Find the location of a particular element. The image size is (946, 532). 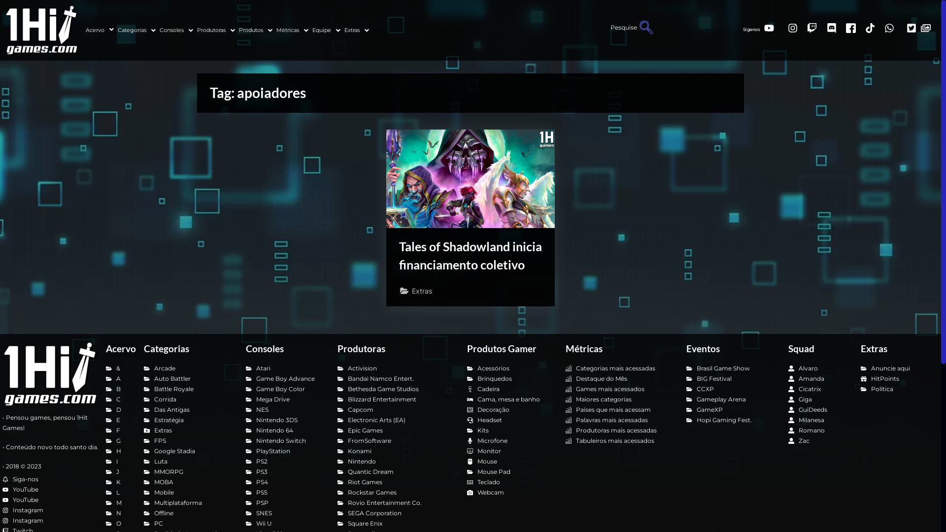

'PS3' is located at coordinates (286, 471).